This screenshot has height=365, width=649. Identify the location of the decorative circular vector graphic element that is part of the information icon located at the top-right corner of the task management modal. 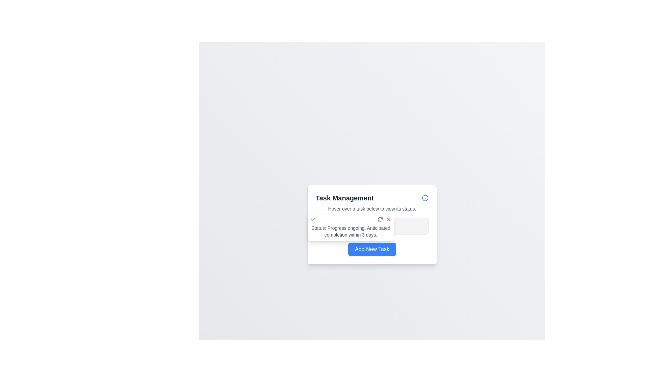
(425, 198).